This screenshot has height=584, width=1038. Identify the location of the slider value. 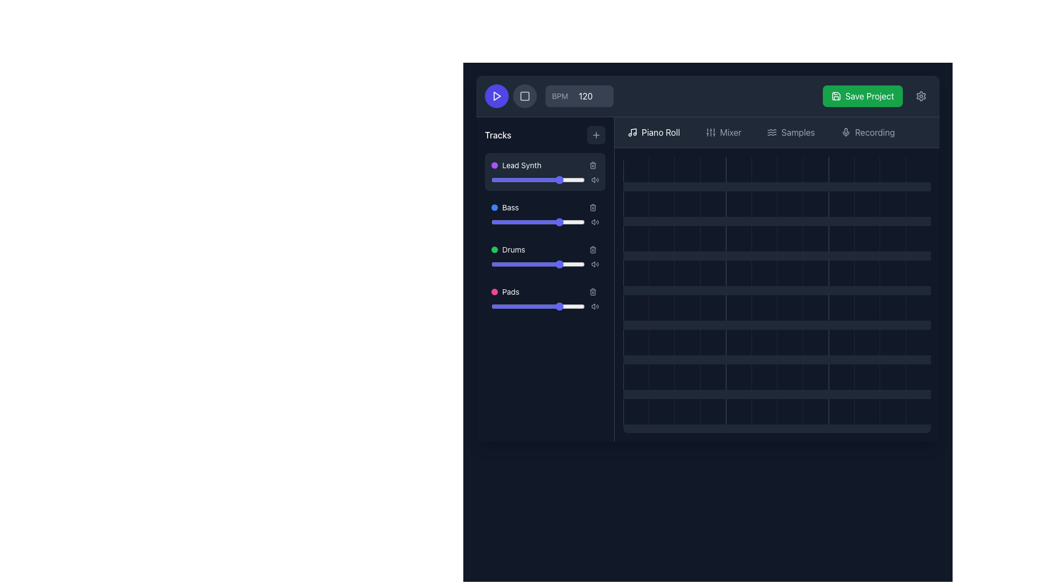
(529, 179).